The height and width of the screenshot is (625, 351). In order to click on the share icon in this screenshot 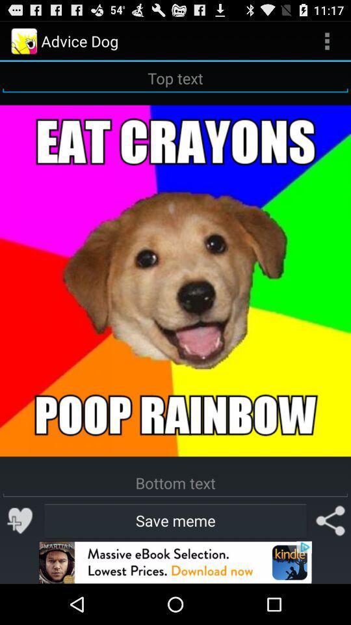, I will do `click(330, 557)`.